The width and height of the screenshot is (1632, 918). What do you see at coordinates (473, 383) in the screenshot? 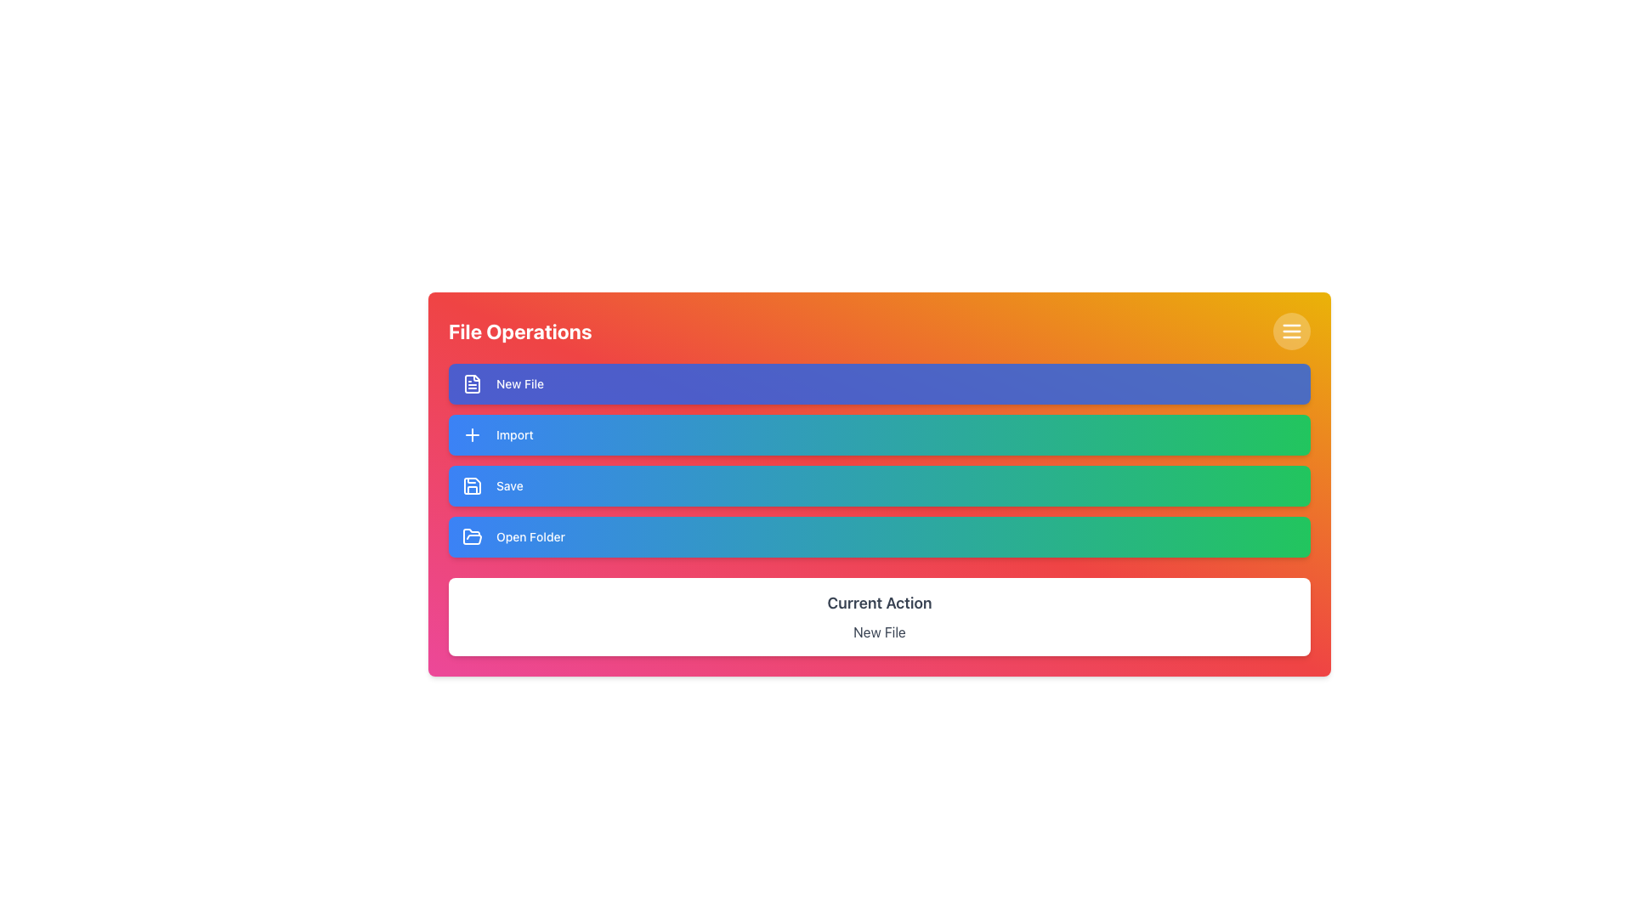
I see `the 'New File' button in the 'File Operations' menu, which includes the file icon to its left` at bounding box center [473, 383].